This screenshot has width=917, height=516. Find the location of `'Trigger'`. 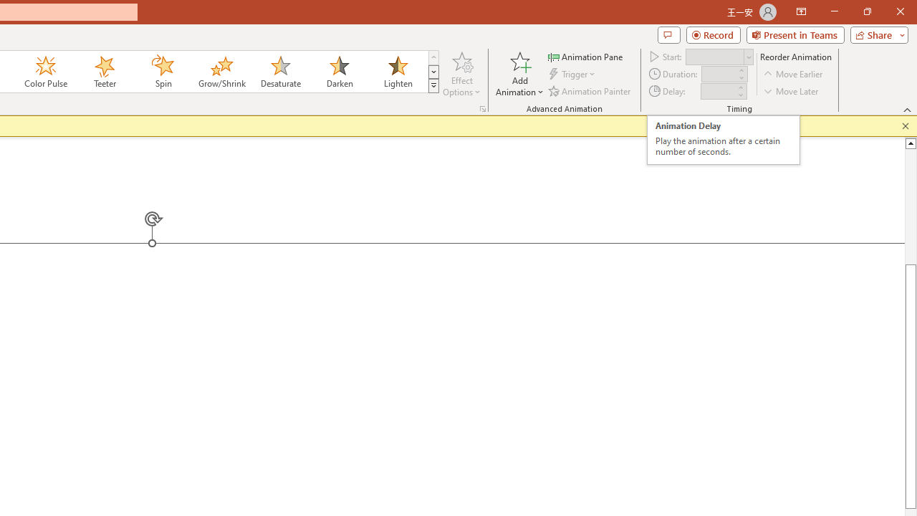

'Trigger' is located at coordinates (573, 74).